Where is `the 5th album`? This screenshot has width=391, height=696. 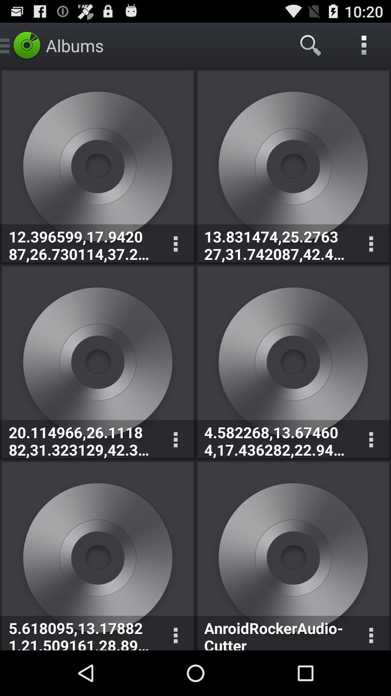 the 5th album is located at coordinates (98, 555).